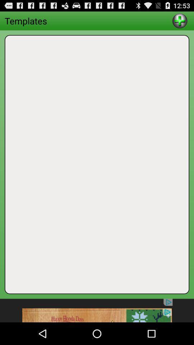  What do you see at coordinates (97, 310) in the screenshot?
I see `click advertisement` at bounding box center [97, 310].